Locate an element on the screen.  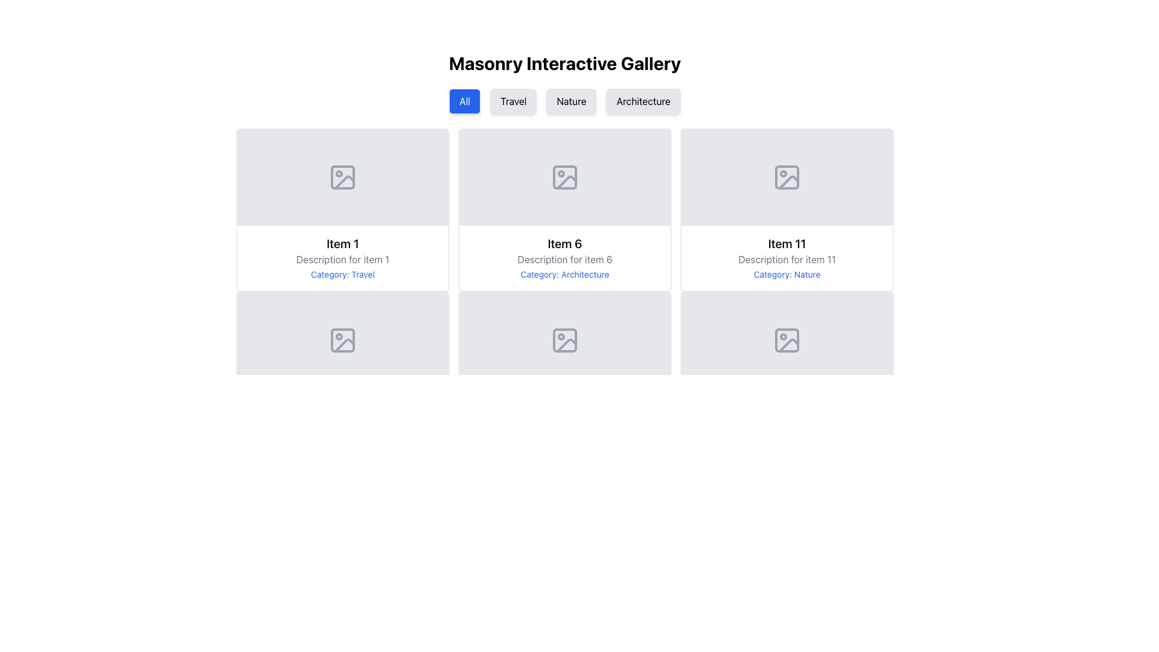
the SVG rectangular shape in the upper-left corner of the card labeled 'Item 1' in the Masonry Interactive Gallery, which serves as a placeholder for the item's image is located at coordinates (342, 177).